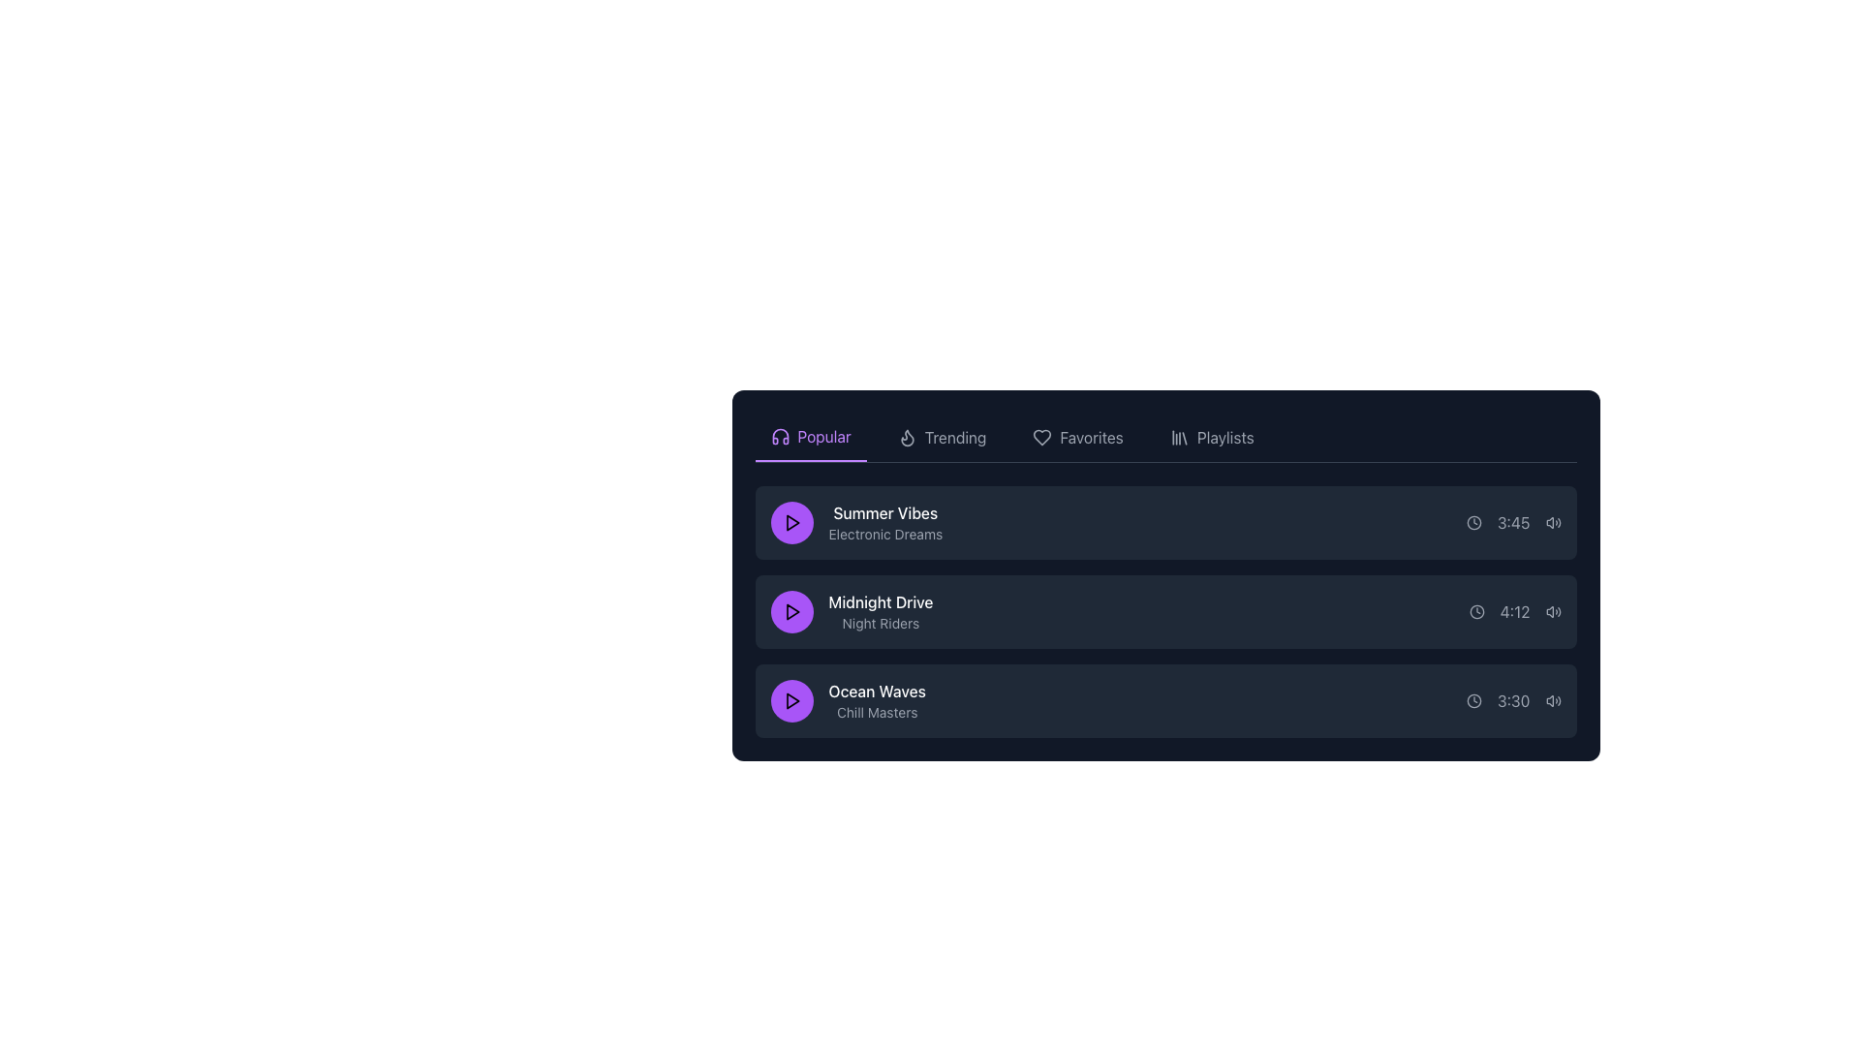 The width and height of the screenshot is (1860, 1046). Describe the element at coordinates (1475, 612) in the screenshot. I see `the SVG circle element representing the clock icon for the 'Midnight Drive' song entry, which serves as a visual cue for time-related information` at that location.